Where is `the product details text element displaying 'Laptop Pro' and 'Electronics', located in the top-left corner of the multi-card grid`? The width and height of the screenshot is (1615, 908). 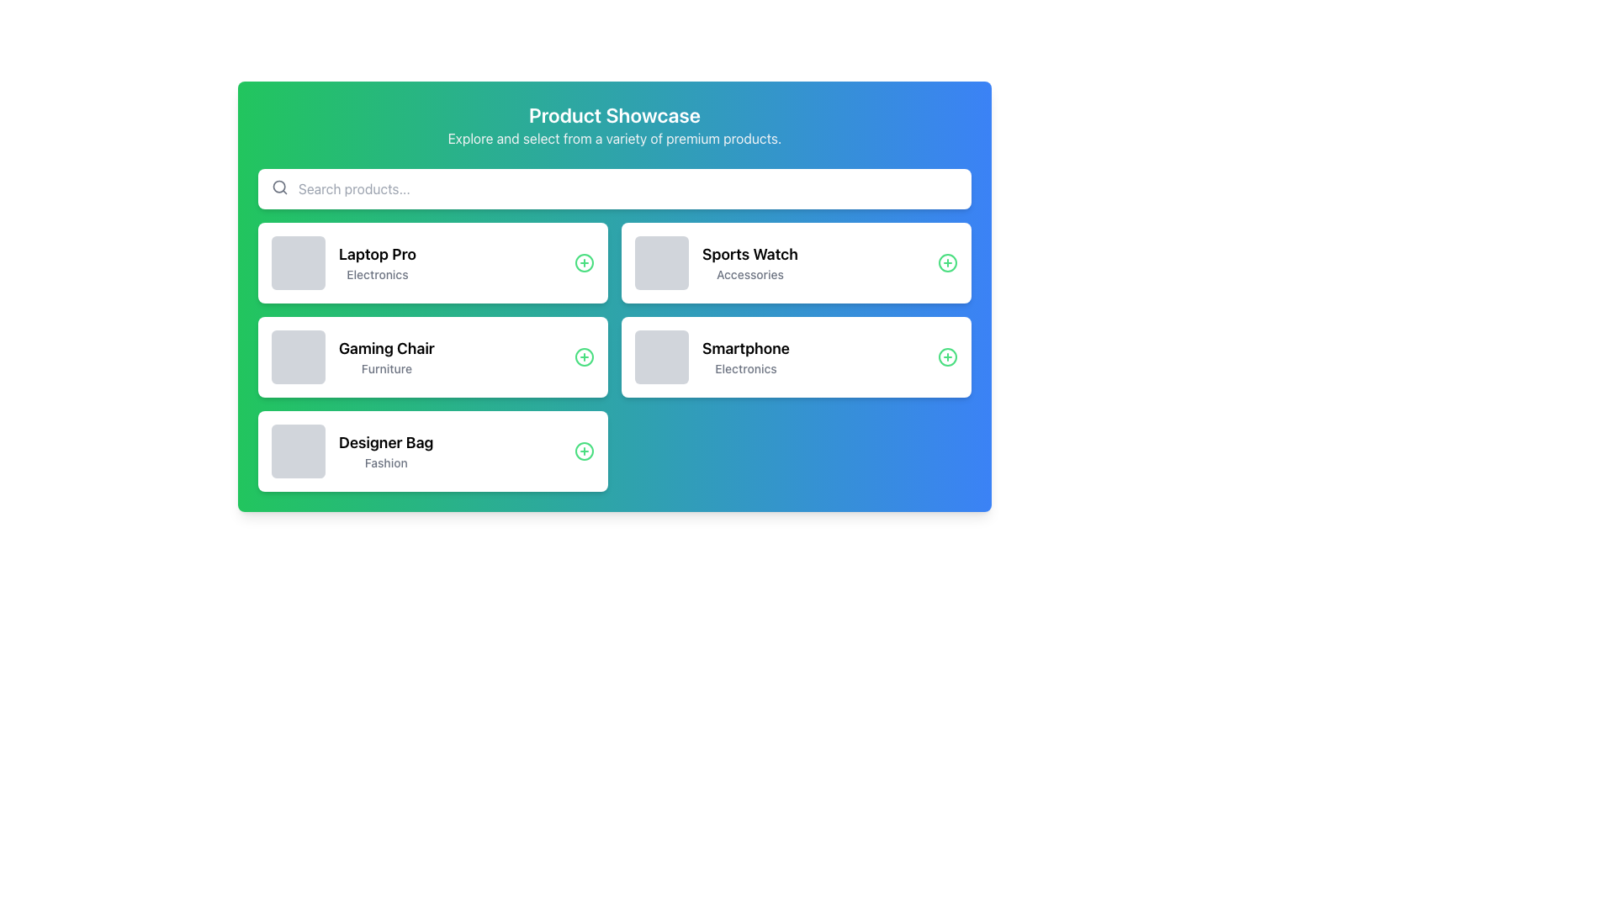
the product details text element displaying 'Laptop Pro' and 'Electronics', located in the top-left corner of the multi-card grid is located at coordinates (342, 262).